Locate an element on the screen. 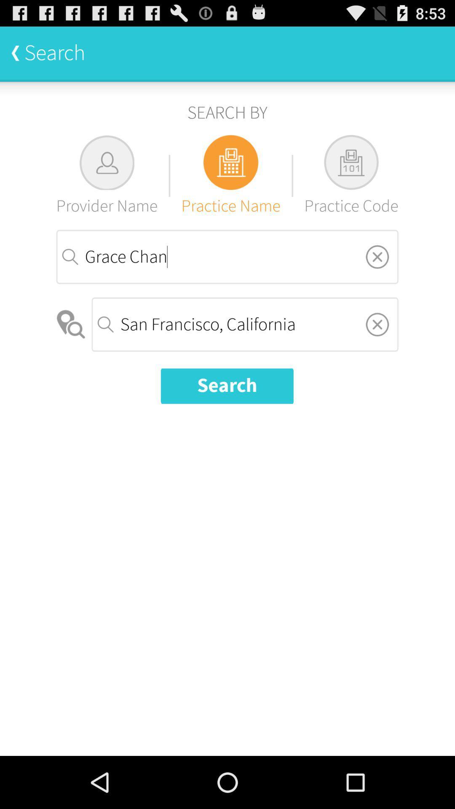 The image size is (455, 809). the item below search by item is located at coordinates (106, 175).